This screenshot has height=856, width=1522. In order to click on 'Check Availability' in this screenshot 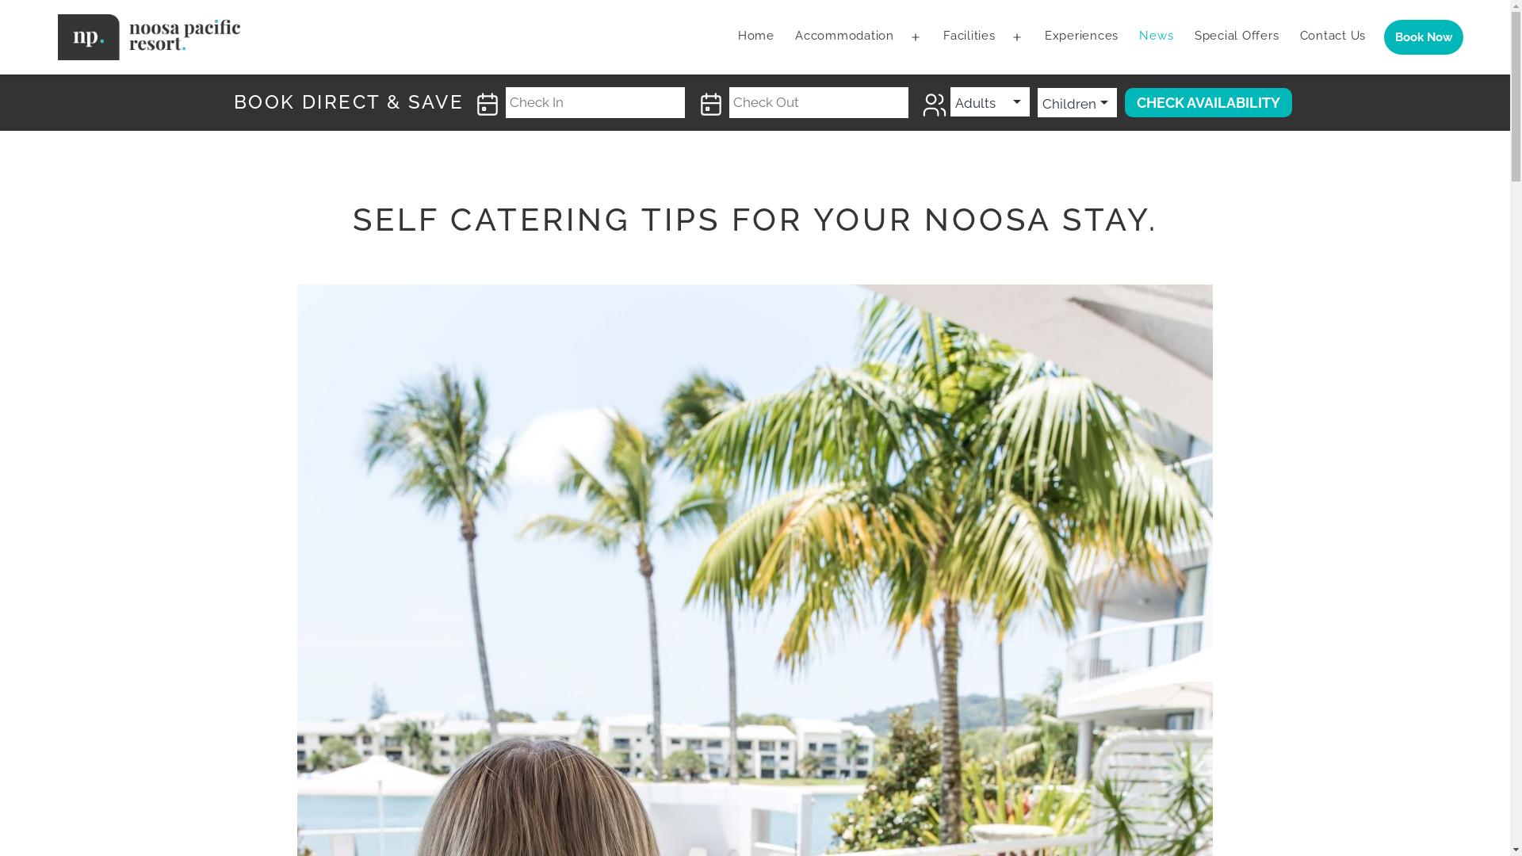, I will do `click(1207, 102)`.